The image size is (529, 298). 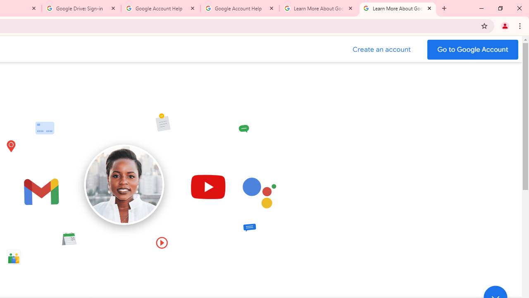 What do you see at coordinates (473, 49) in the screenshot?
I see `'Go to your Google Account'` at bounding box center [473, 49].